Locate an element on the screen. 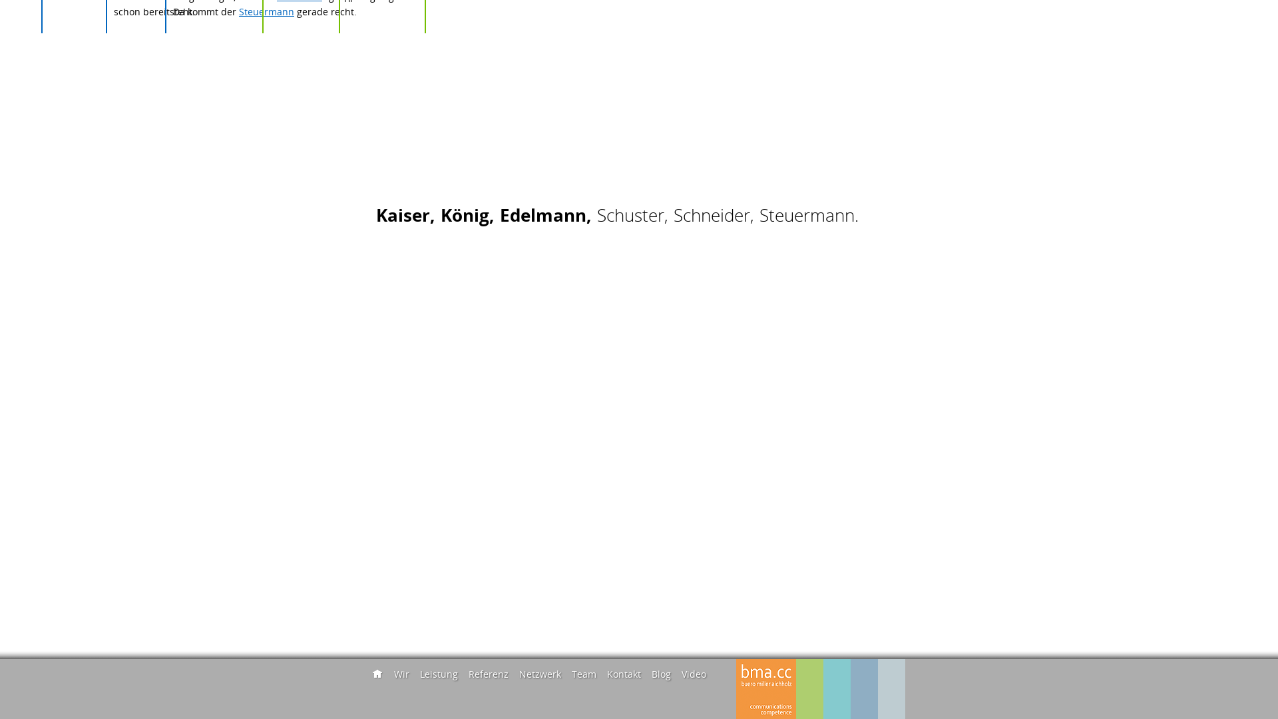  'Video' is located at coordinates (681, 674).